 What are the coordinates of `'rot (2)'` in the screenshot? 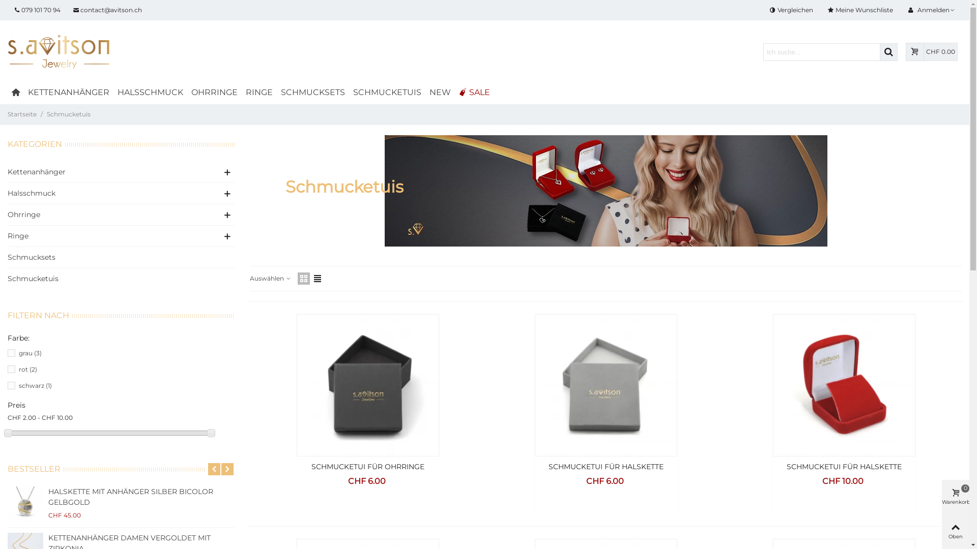 It's located at (19, 369).